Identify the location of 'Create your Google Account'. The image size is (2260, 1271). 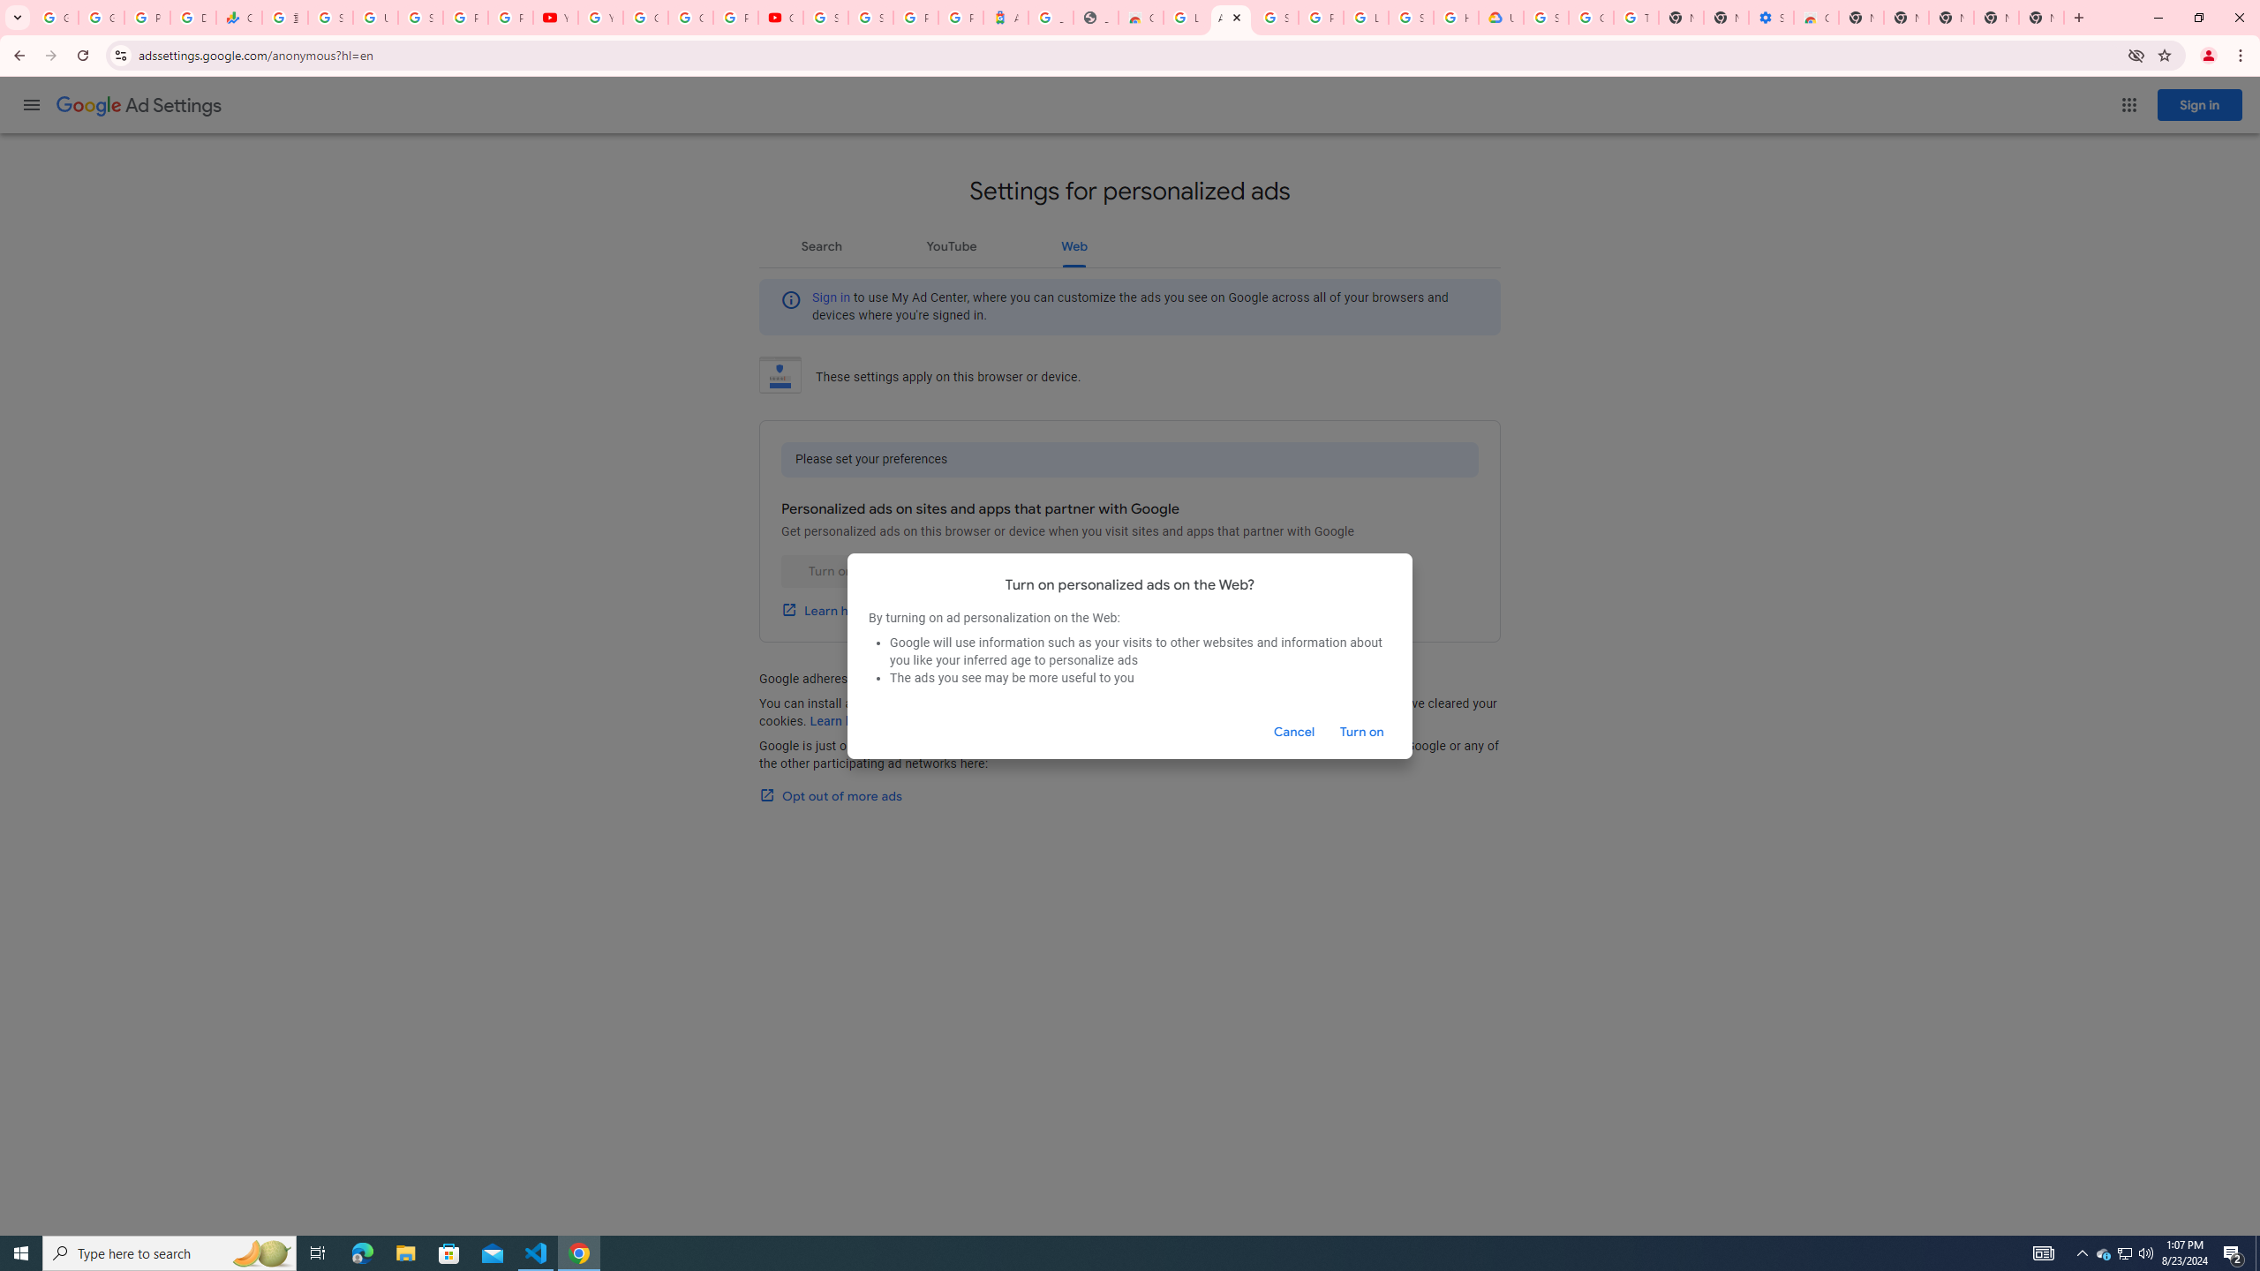
(690, 17).